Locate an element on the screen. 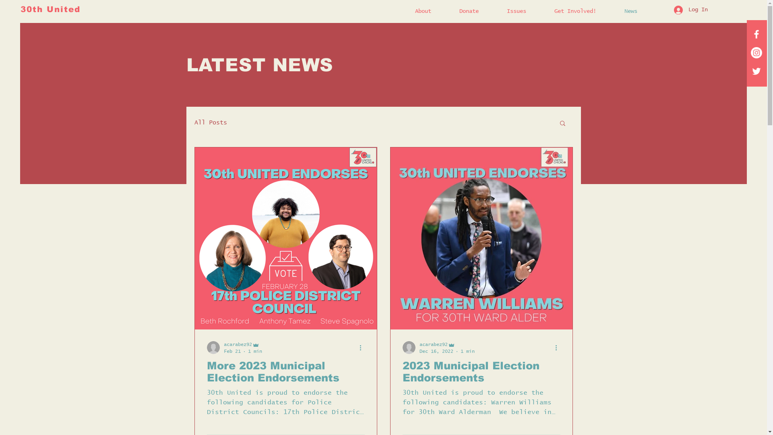 This screenshot has height=435, width=773. '2023 Municipal Election Endorsements' is located at coordinates (481, 371).